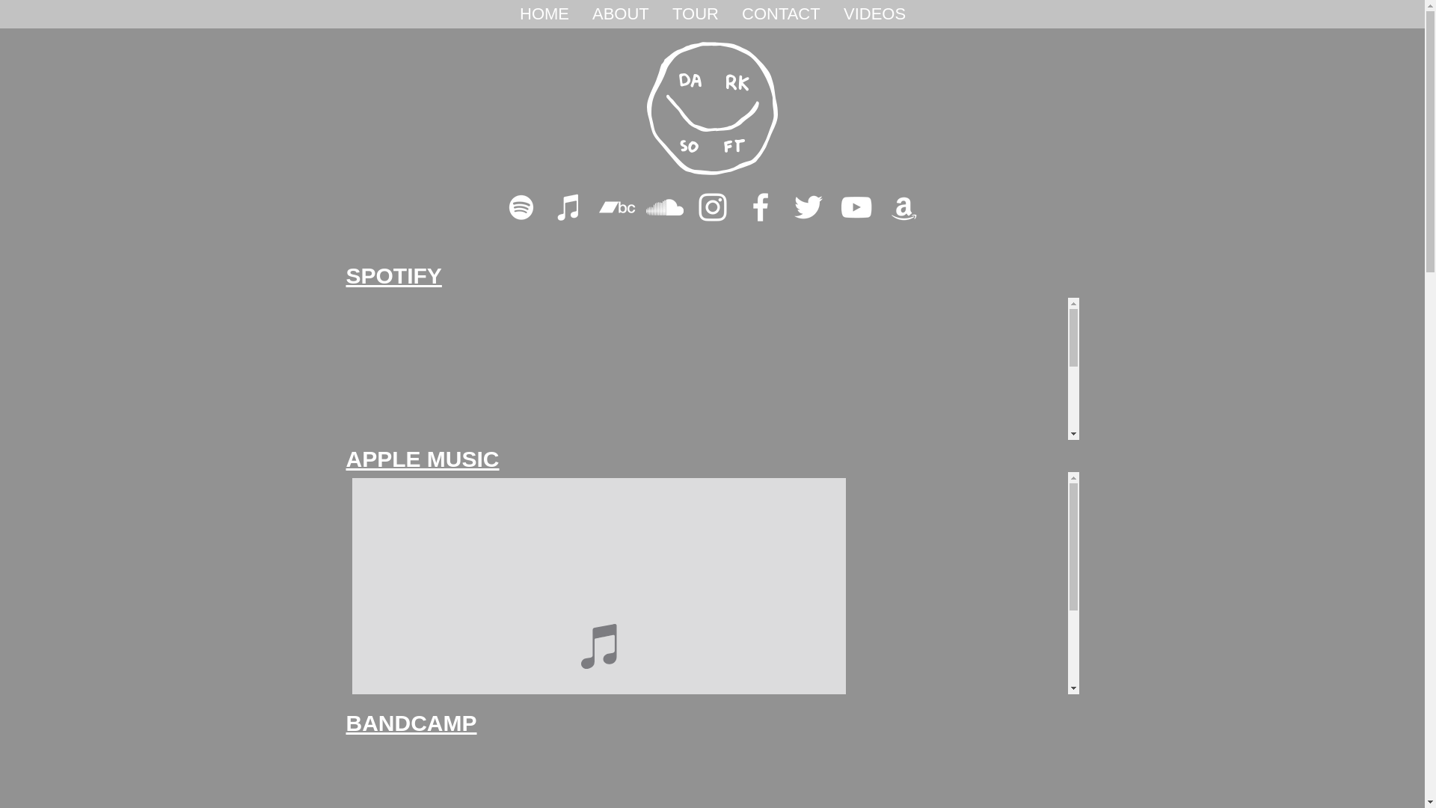 Image resolution: width=1436 pixels, height=808 pixels. What do you see at coordinates (421, 458) in the screenshot?
I see `'APPLE MUSIC'` at bounding box center [421, 458].